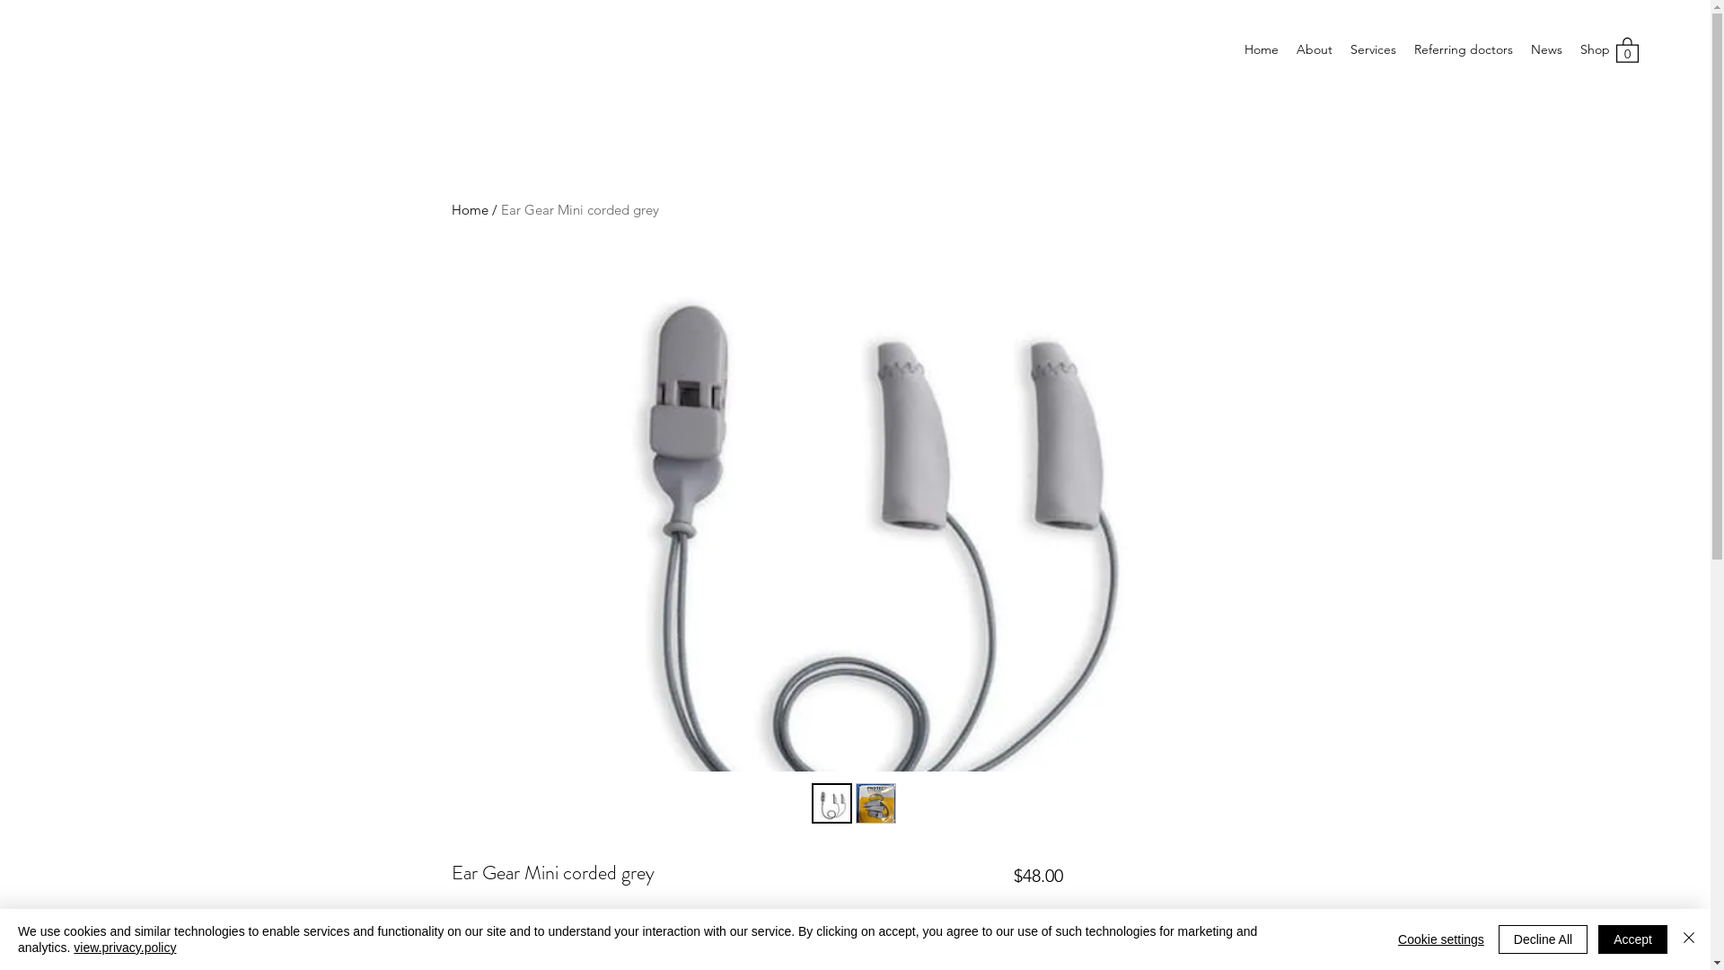  Describe the element at coordinates (469, 208) in the screenshot. I see `'Home'` at that location.